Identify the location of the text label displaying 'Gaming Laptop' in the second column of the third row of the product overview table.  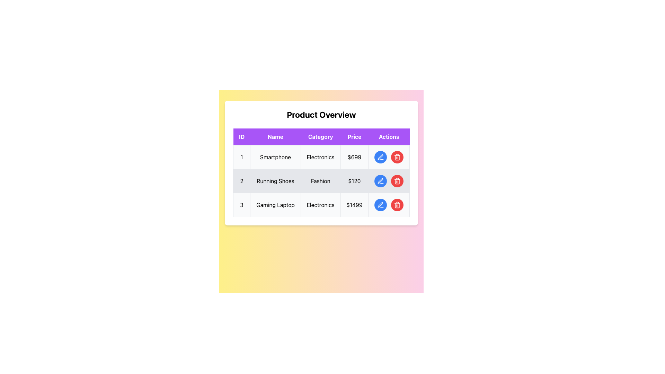
(275, 204).